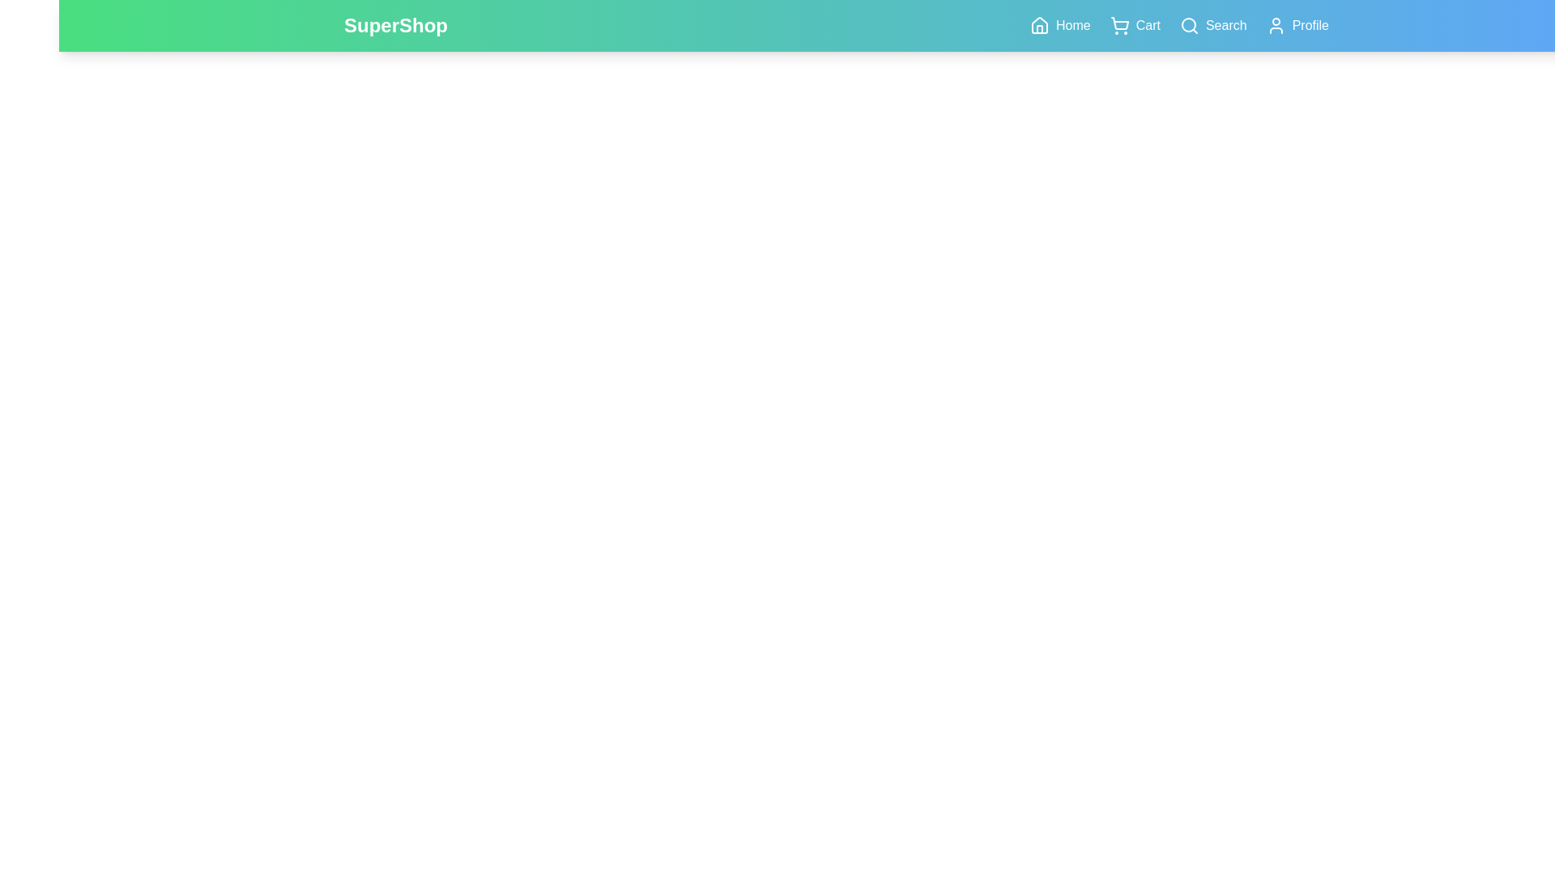 The width and height of the screenshot is (1555, 874). Describe the element at coordinates (1134, 25) in the screenshot. I see `the shopping cart icon with the text 'Cart' in the navigation bar` at that location.